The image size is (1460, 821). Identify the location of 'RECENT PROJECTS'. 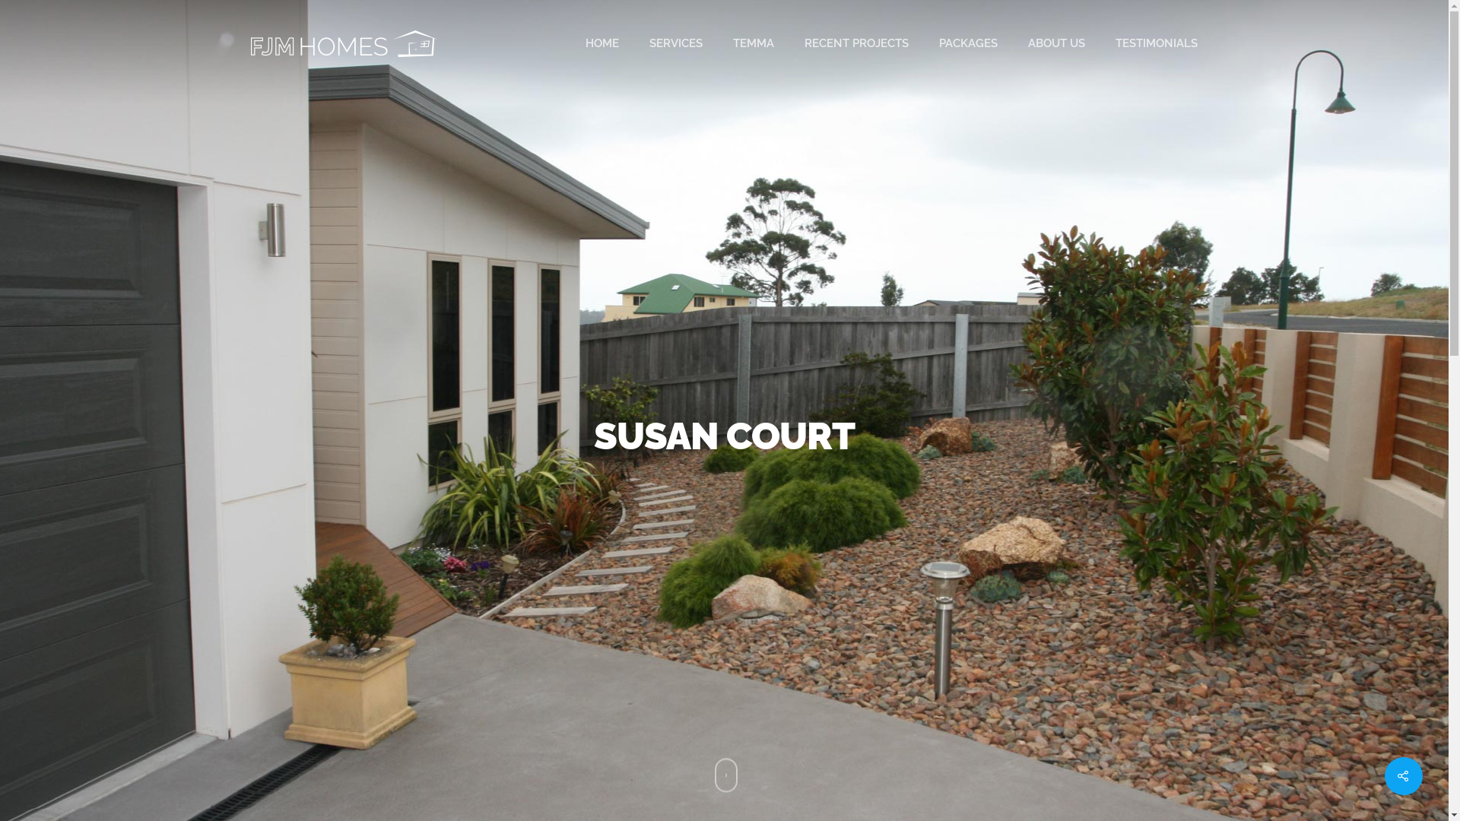
(803, 43).